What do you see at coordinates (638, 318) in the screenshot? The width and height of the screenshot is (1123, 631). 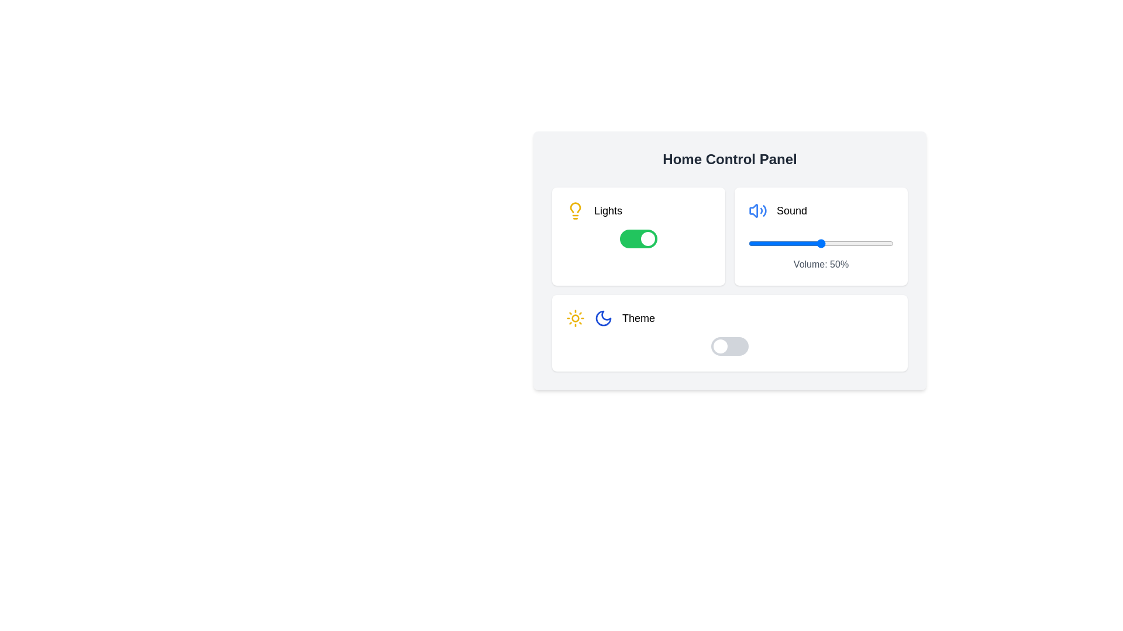 I see `the 'Theme' text label, which is displayed in medium font size and positioned between a sun icon and a toggle switch, below the main control panels for 'Lights' and 'Sound.'` at bounding box center [638, 318].